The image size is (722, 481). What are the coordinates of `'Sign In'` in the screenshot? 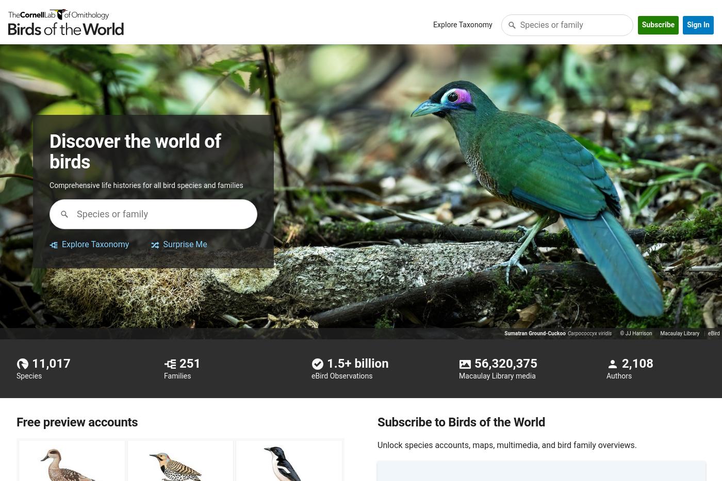 It's located at (686, 25).